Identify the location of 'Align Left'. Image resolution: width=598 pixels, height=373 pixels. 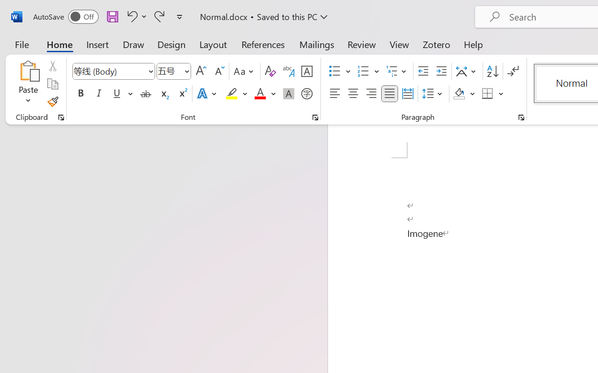
(335, 94).